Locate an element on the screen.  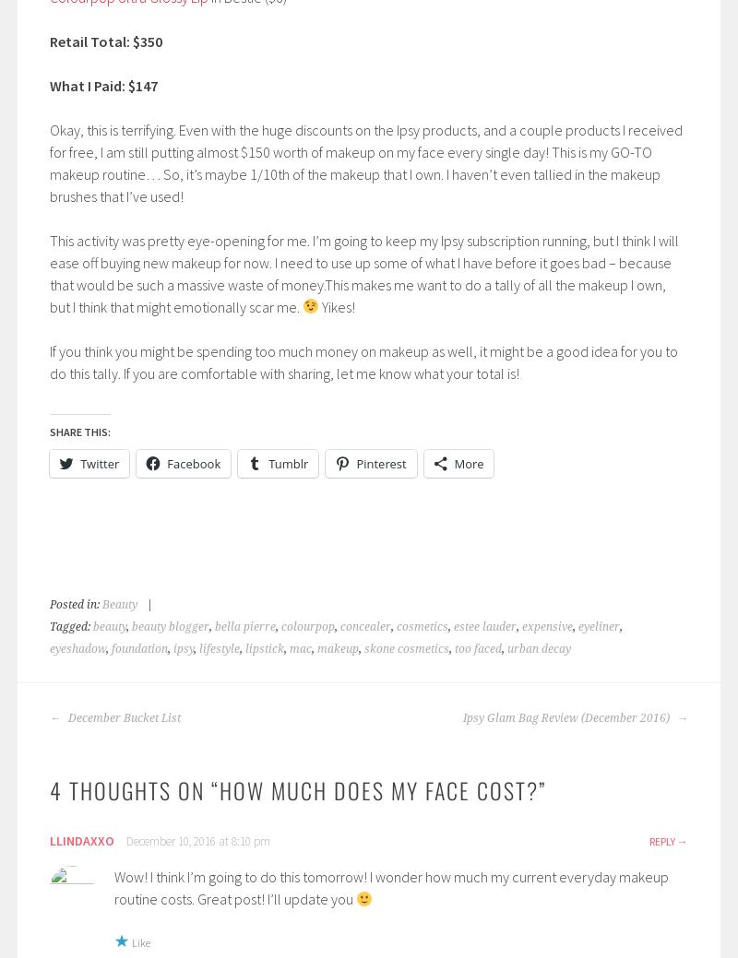
'eyeshadow' is located at coordinates (77, 646).